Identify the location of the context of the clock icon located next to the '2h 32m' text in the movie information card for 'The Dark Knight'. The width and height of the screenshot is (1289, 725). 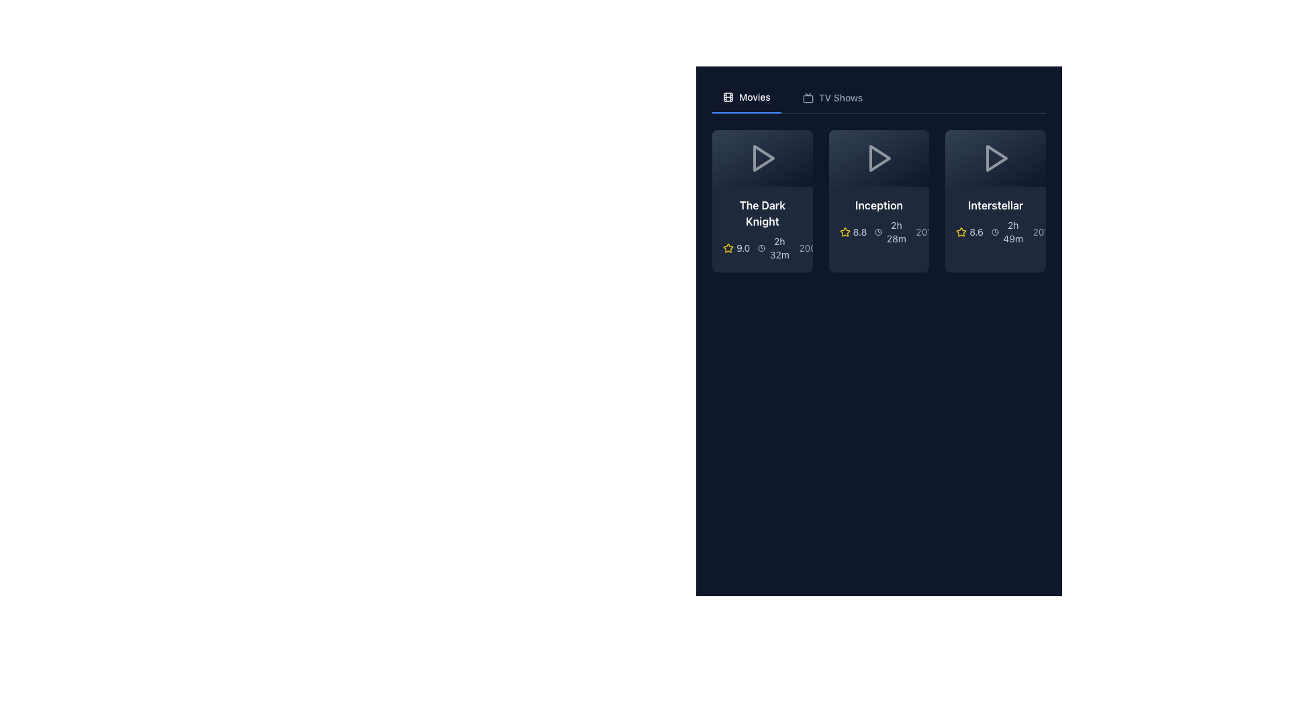
(761, 248).